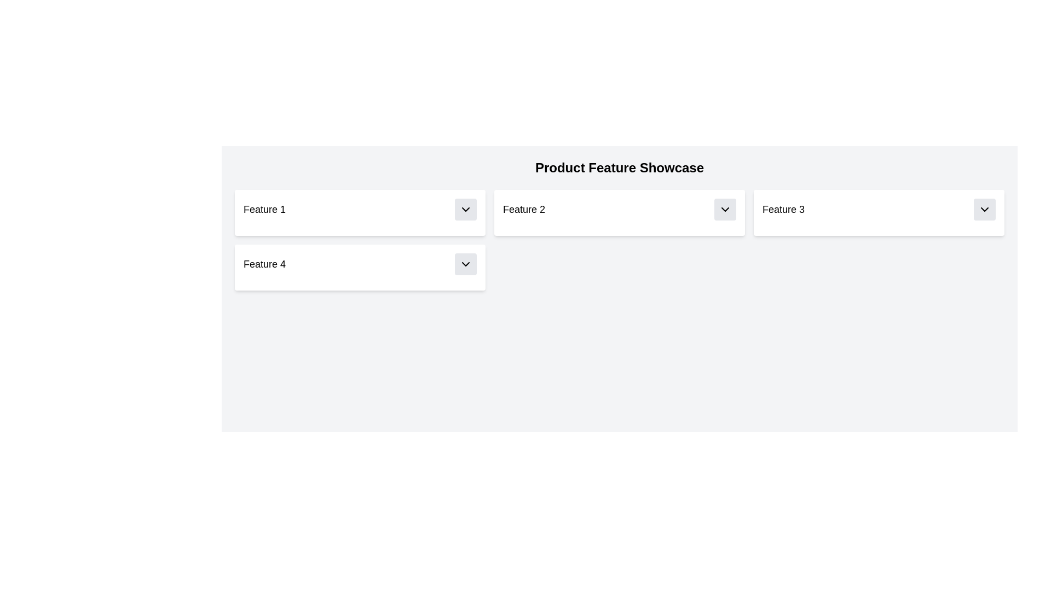  Describe the element at coordinates (465, 209) in the screenshot. I see `the icon located adjacent to the text labeled 'Feature 1'` at that location.